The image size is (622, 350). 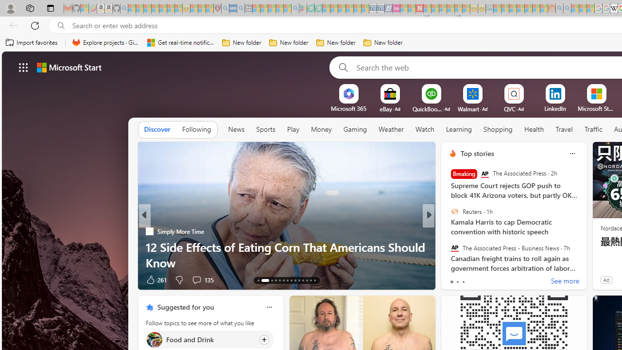 What do you see at coordinates (427, 8) in the screenshot?
I see `'Trusted Community Engagement and Contributions | Guidelines'` at bounding box center [427, 8].